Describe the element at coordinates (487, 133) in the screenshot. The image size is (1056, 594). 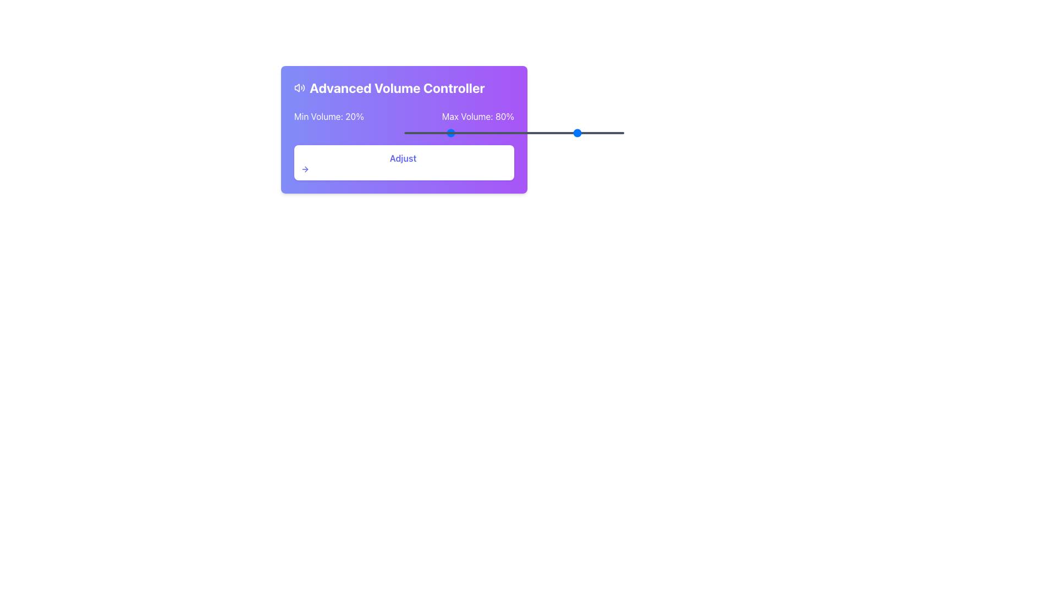
I see `the slider` at that location.